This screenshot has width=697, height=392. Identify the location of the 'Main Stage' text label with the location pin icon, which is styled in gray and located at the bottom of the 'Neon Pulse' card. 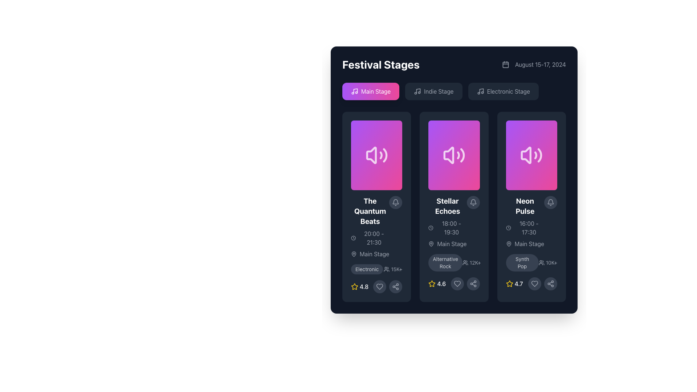
(525, 244).